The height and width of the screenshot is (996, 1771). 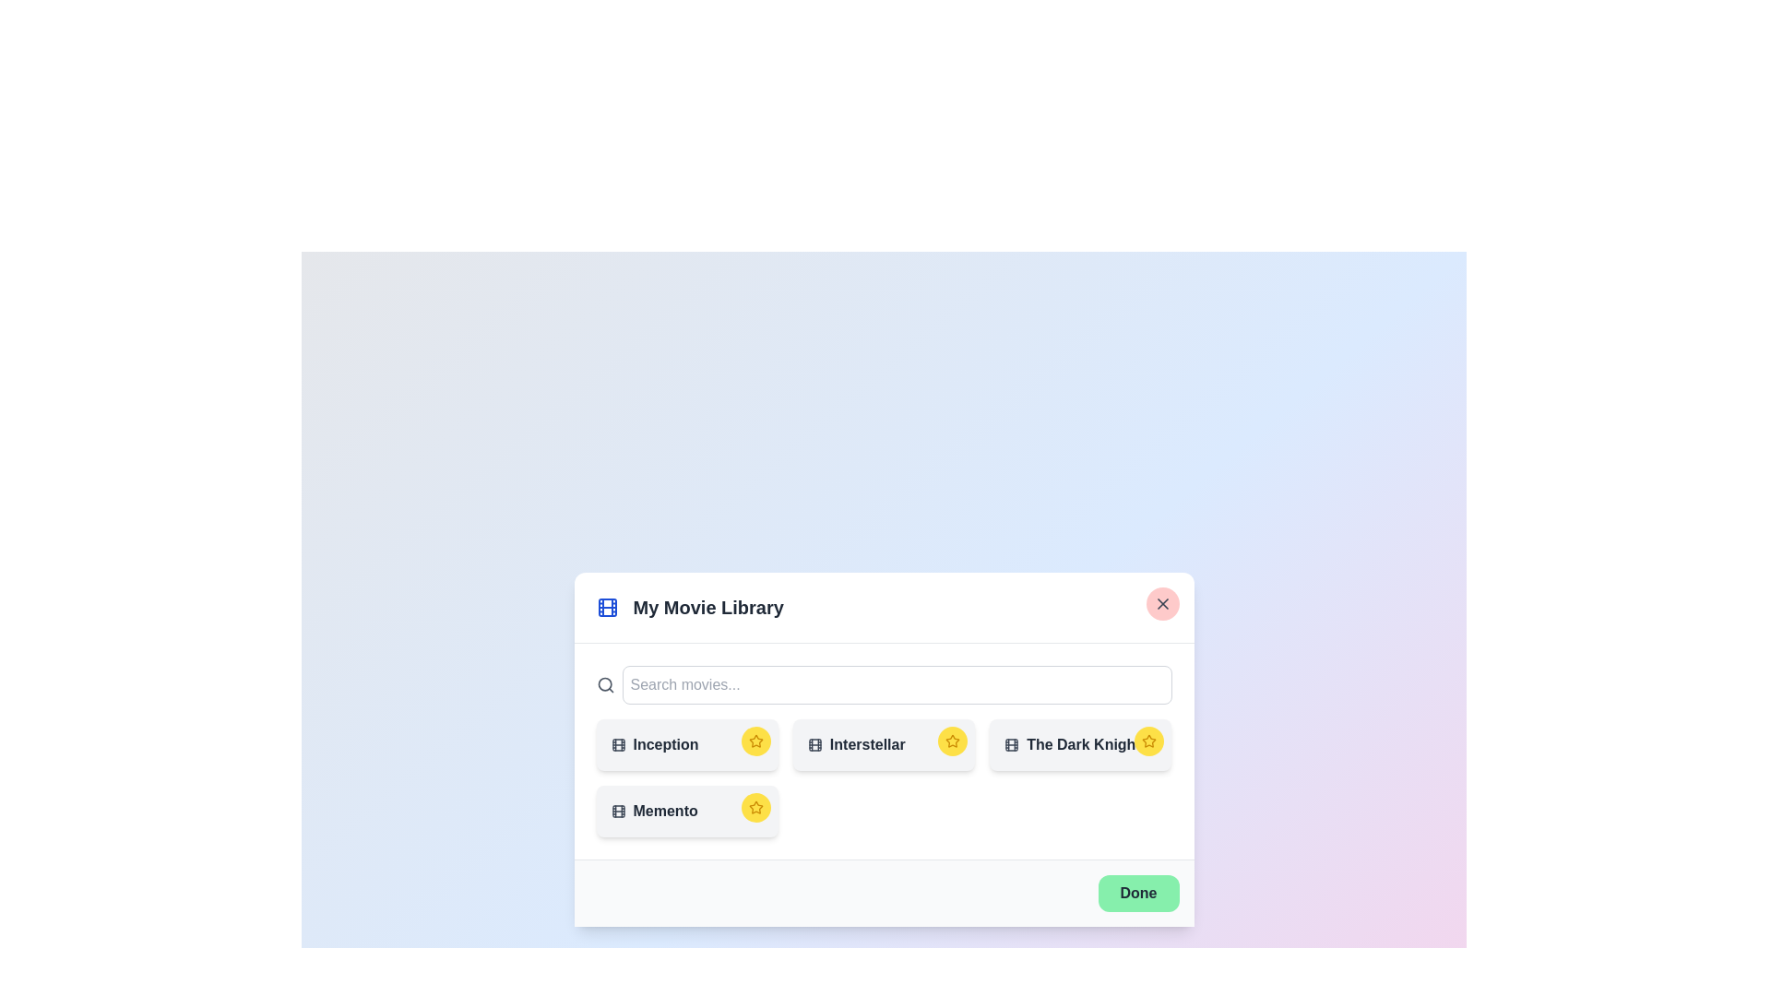 What do you see at coordinates (607, 608) in the screenshot?
I see `the icon representing the 'My Movie Library' section, located in the header to the left of the section text and above the search bar` at bounding box center [607, 608].